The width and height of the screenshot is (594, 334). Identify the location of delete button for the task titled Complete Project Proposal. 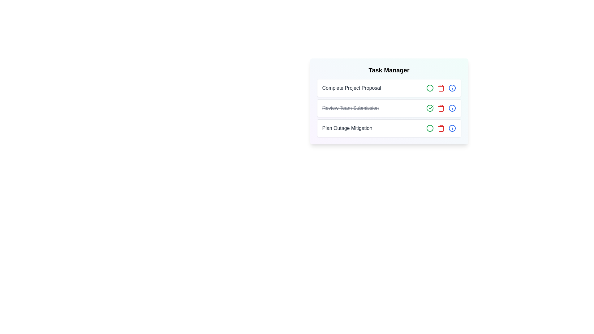
(441, 88).